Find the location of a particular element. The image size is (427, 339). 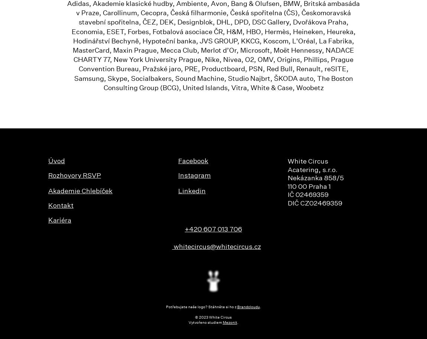

'Nekázanka 858/5' is located at coordinates (315, 178).